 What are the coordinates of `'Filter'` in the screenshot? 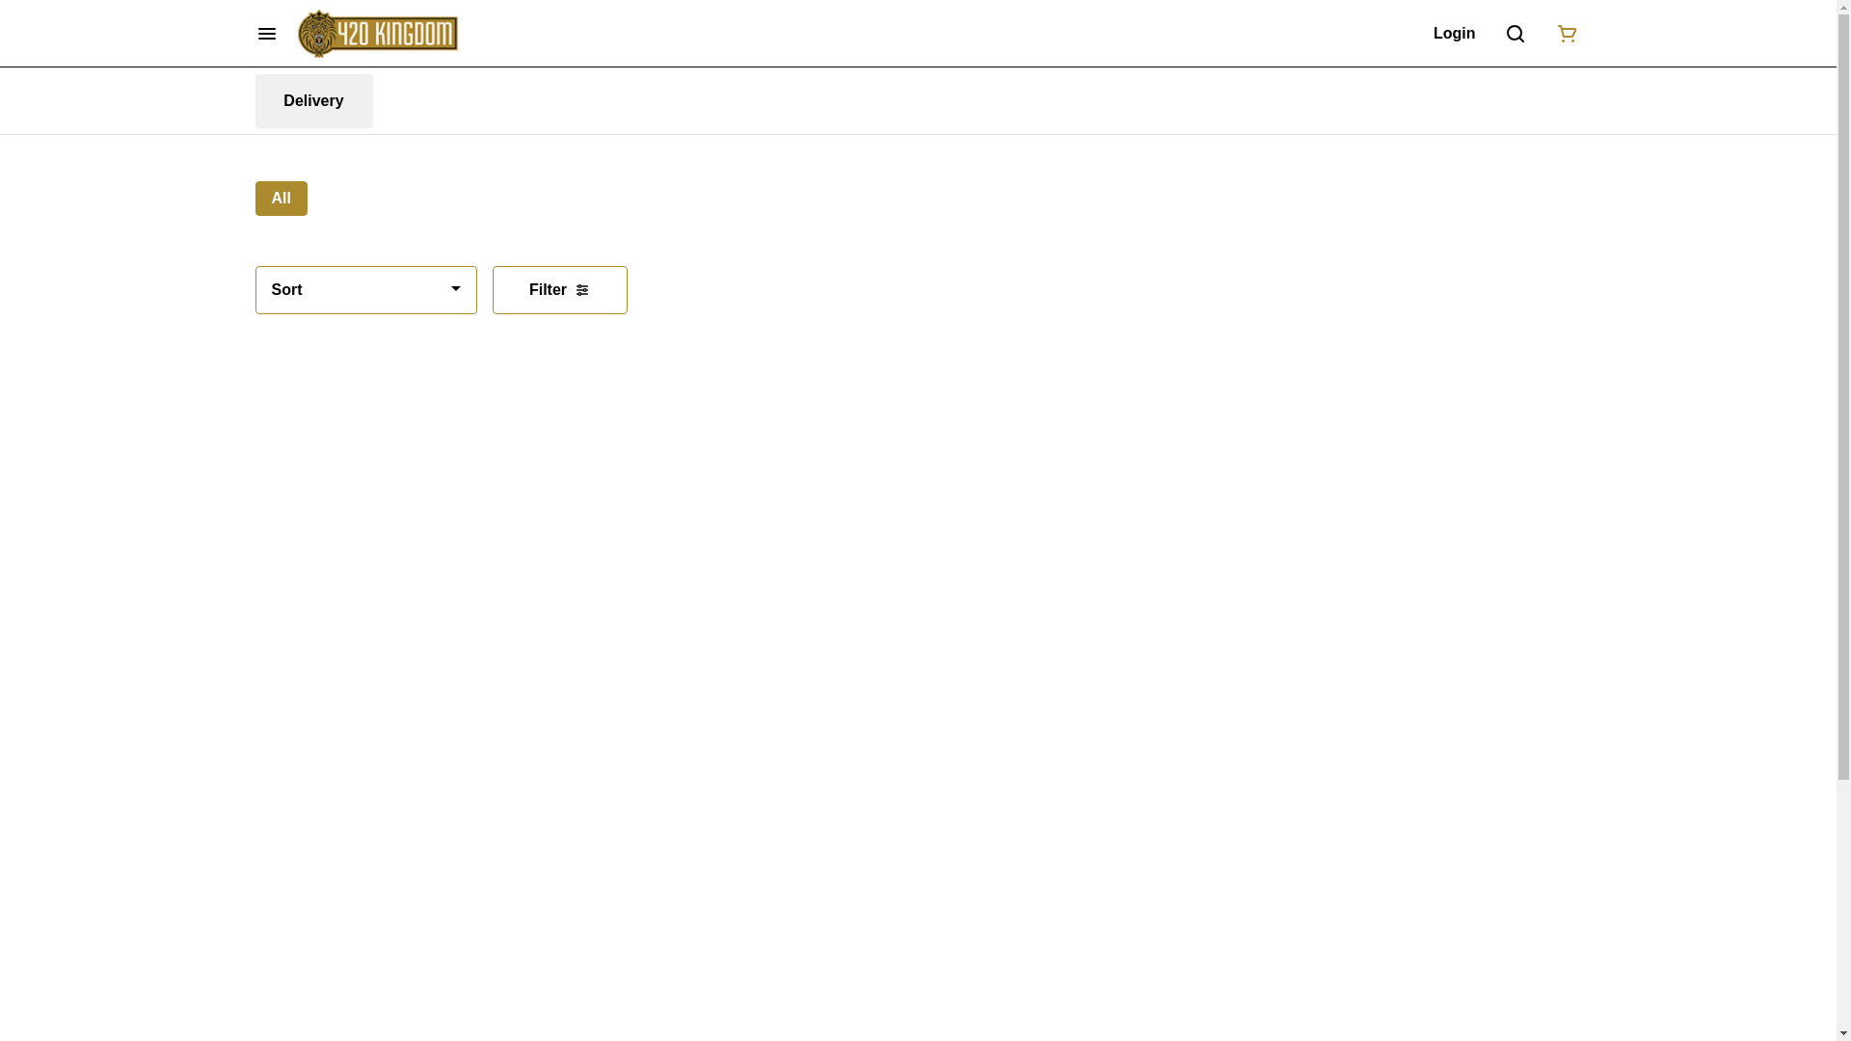 It's located at (491, 289).